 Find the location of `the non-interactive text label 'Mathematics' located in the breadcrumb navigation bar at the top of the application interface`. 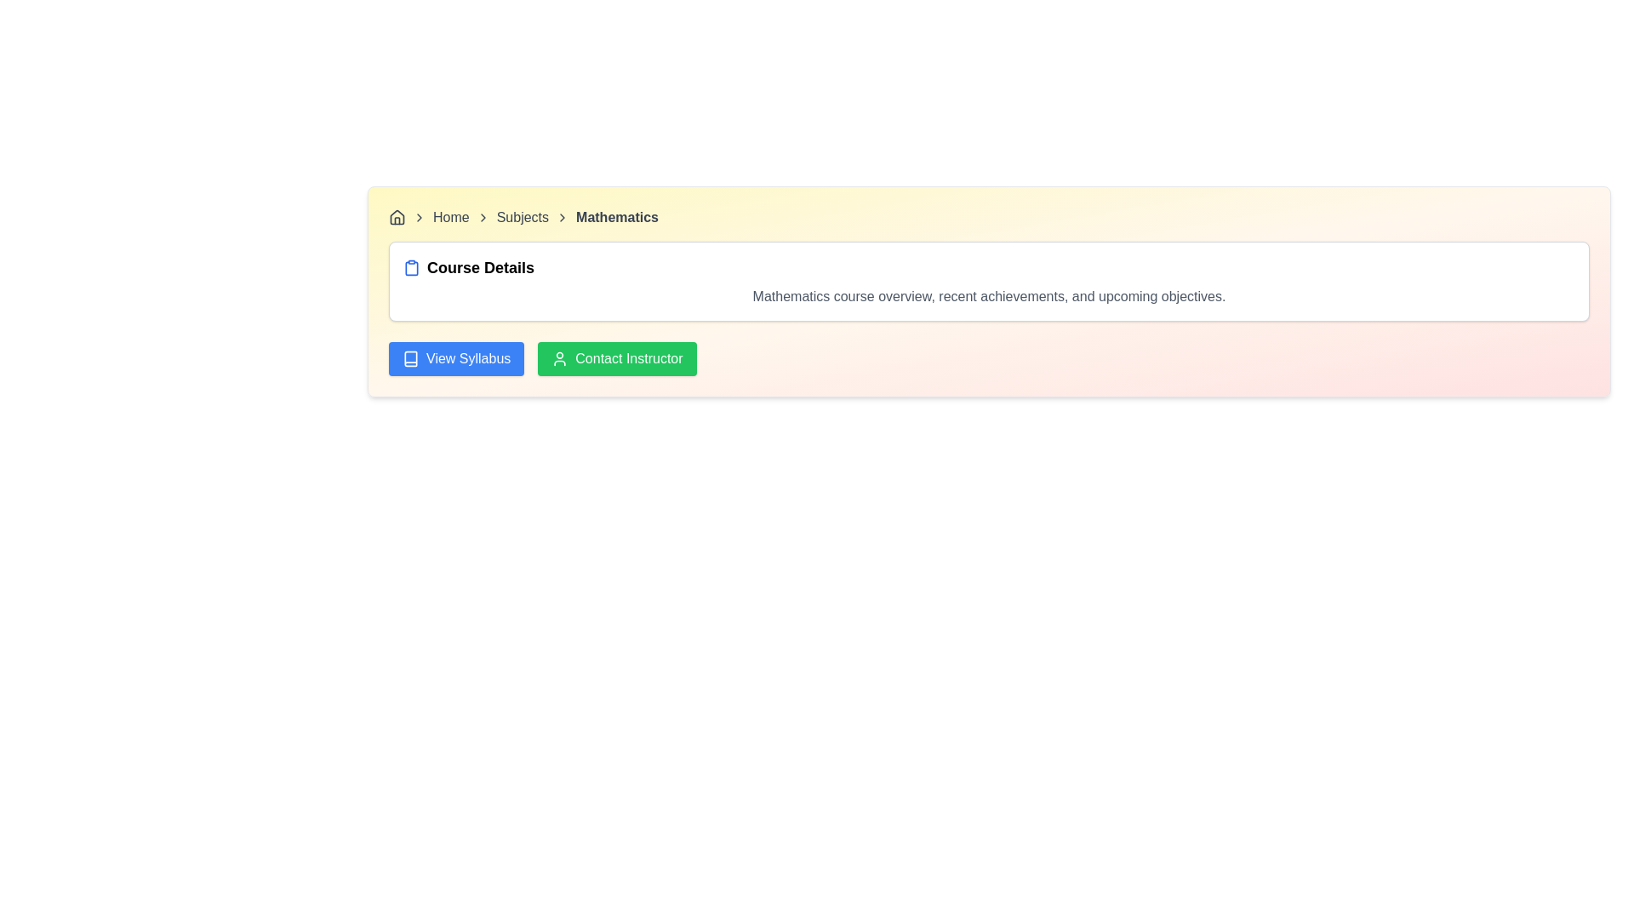

the non-interactive text label 'Mathematics' located in the breadcrumb navigation bar at the top of the application interface is located at coordinates (616, 216).